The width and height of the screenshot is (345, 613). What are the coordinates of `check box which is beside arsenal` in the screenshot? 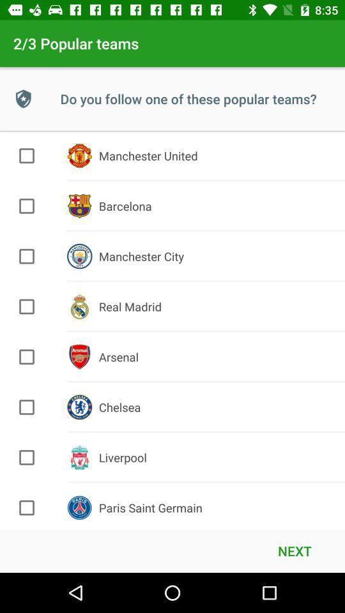 It's located at (27, 357).